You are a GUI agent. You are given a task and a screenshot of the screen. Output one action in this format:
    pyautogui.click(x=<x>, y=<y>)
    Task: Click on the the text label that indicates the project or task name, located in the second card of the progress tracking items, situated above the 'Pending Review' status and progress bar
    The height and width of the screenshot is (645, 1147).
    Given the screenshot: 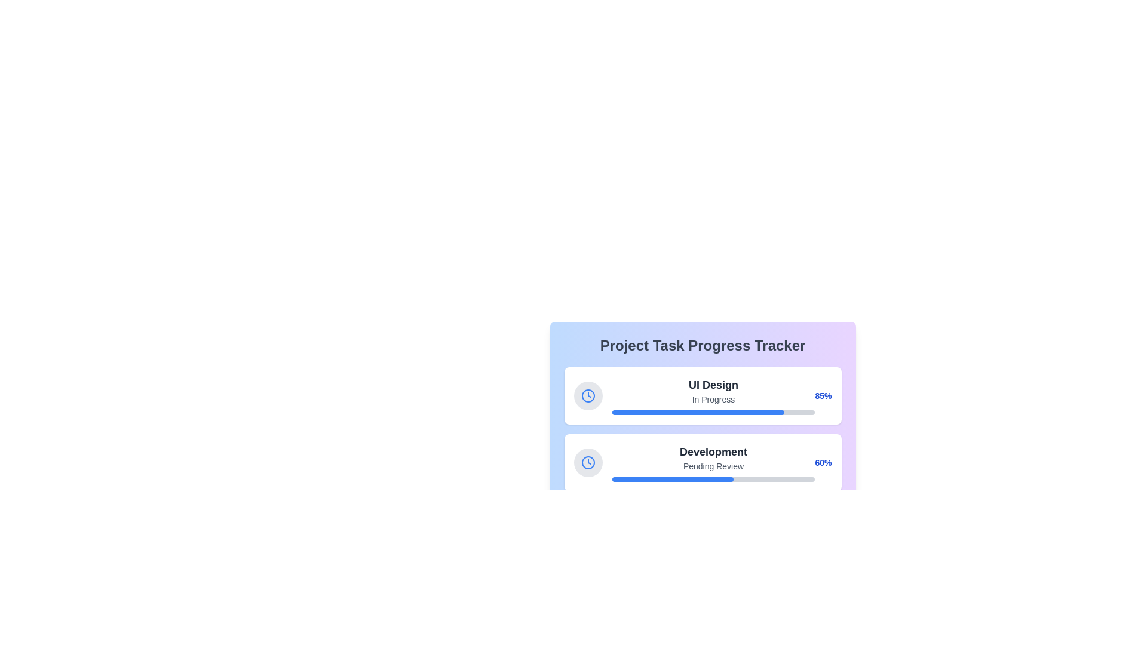 What is the action you would take?
    pyautogui.click(x=713, y=451)
    